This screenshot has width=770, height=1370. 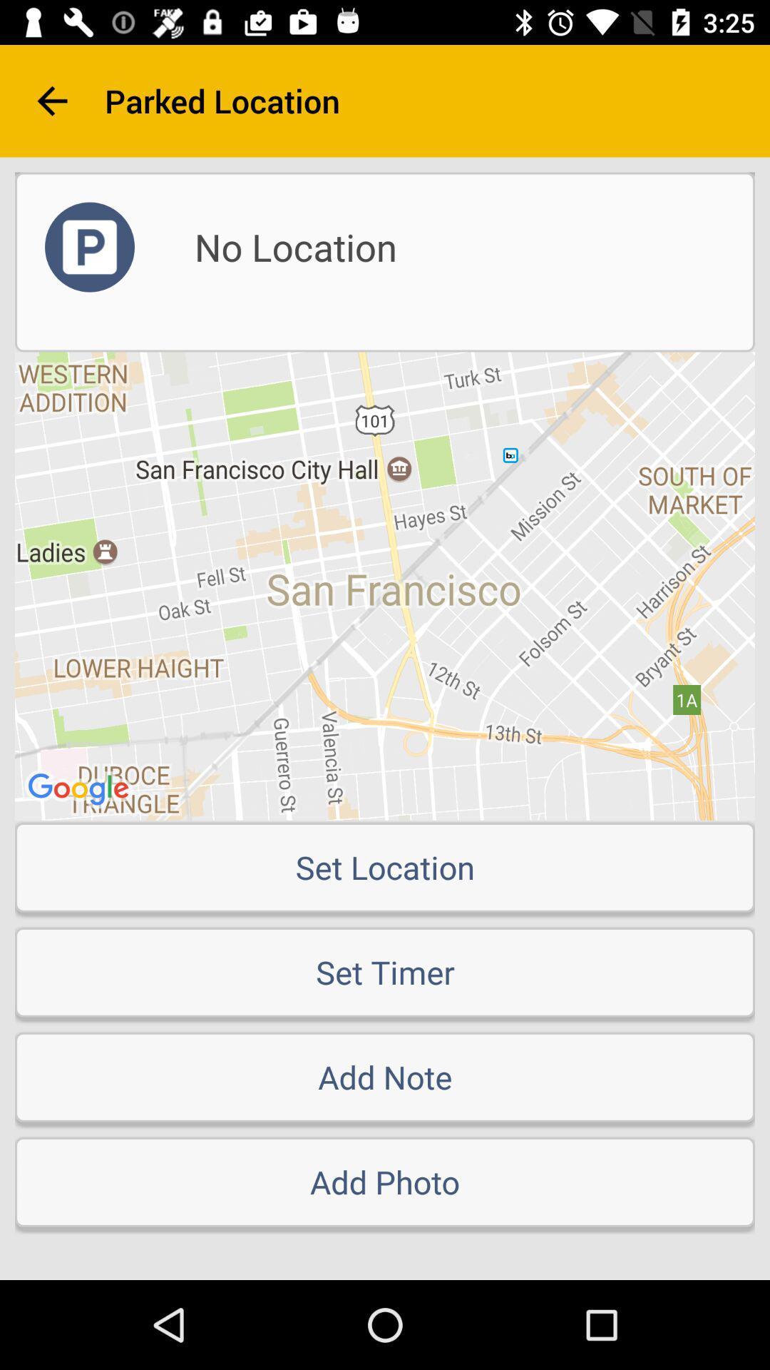 What do you see at coordinates (385, 866) in the screenshot?
I see `set location` at bounding box center [385, 866].